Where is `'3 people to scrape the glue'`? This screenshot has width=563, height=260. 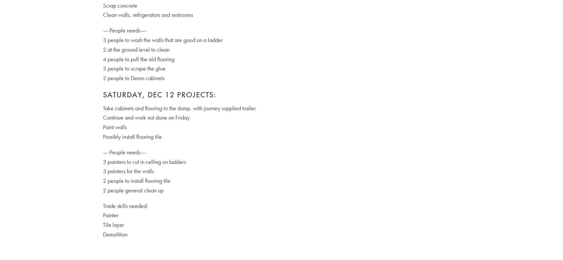
'3 people to scrape the glue' is located at coordinates (102, 68).